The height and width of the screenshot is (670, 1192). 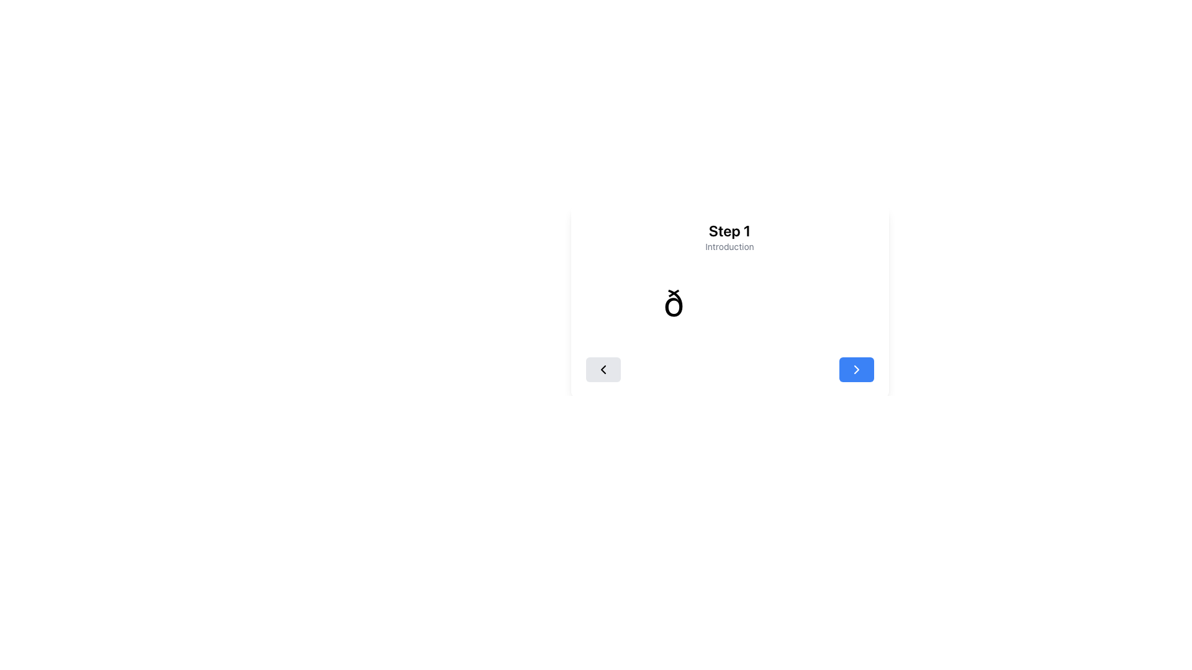 What do you see at coordinates (856, 369) in the screenshot?
I see `the chevron arrow icon located within the blue rectangular button at the bottom right corner of the interface` at bounding box center [856, 369].